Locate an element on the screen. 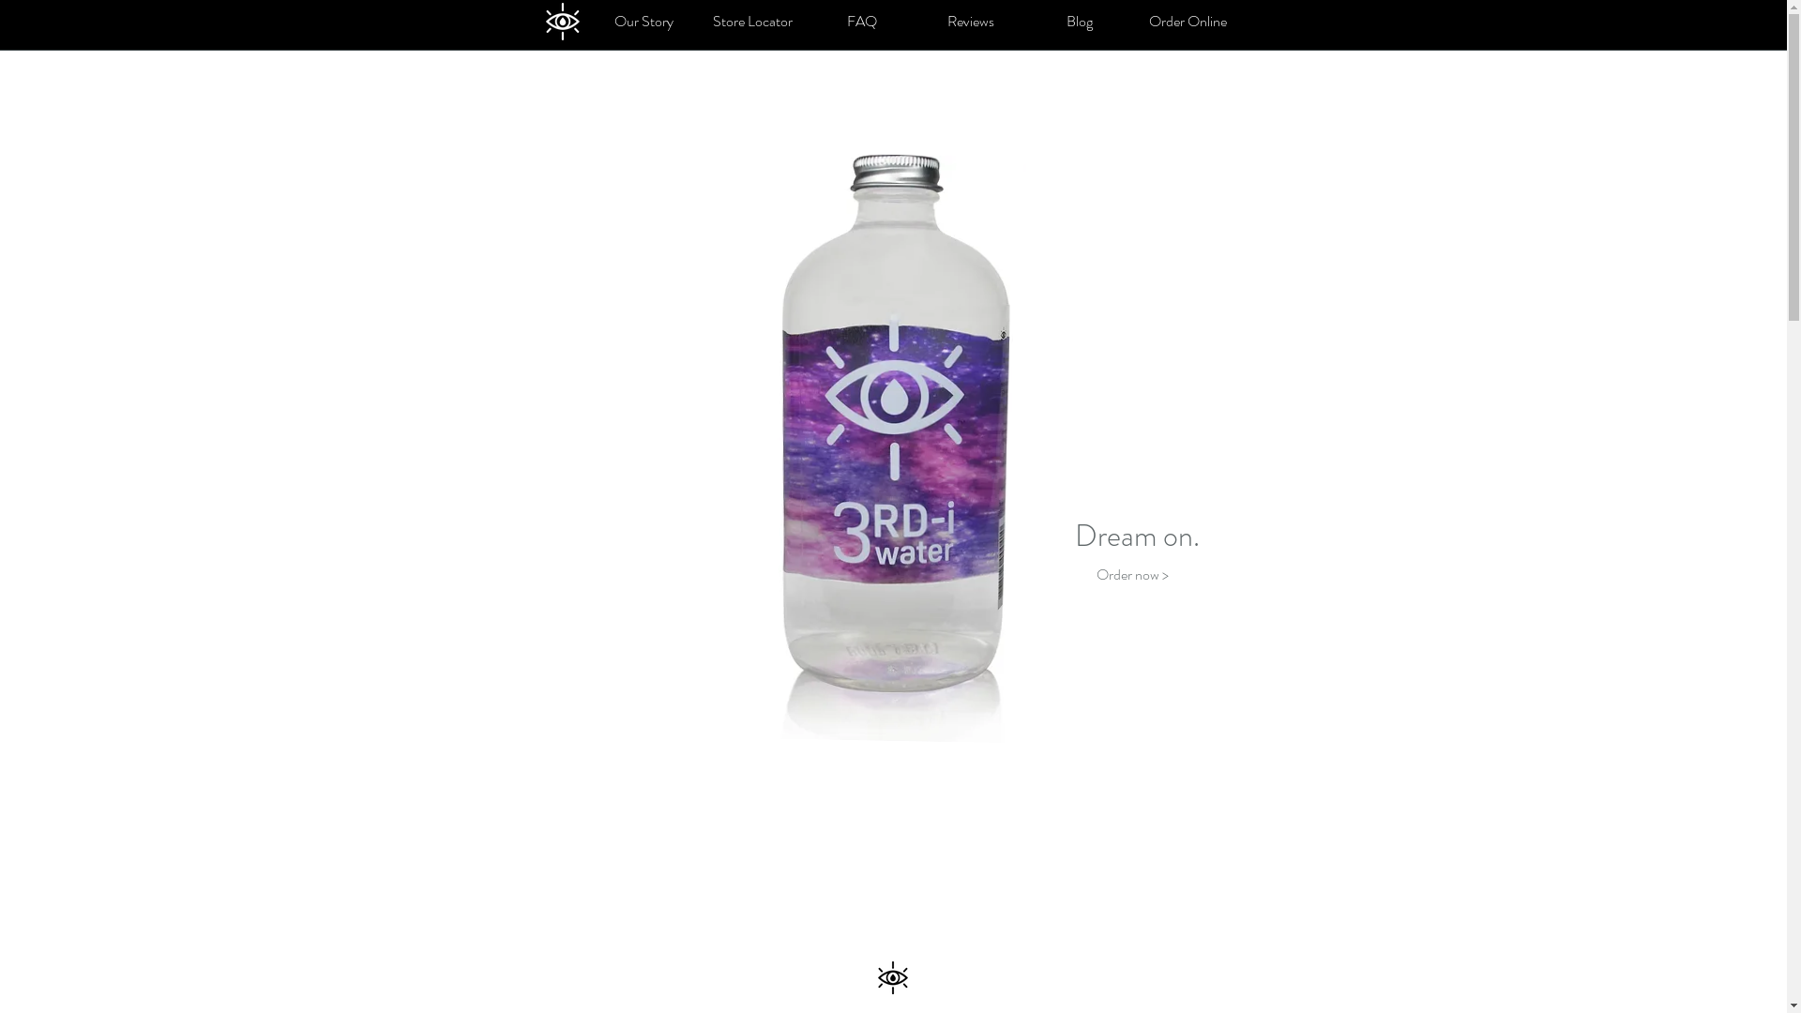 This screenshot has height=1013, width=1801. 'Reviews' is located at coordinates (969, 22).